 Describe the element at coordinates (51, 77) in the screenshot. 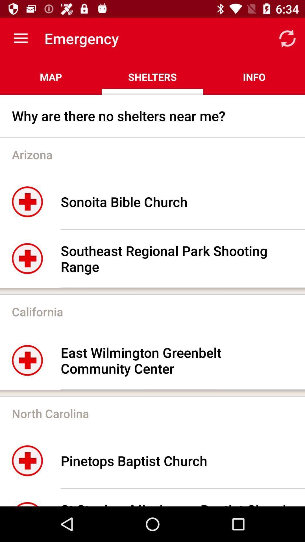

I see `item above the why are there icon` at that location.